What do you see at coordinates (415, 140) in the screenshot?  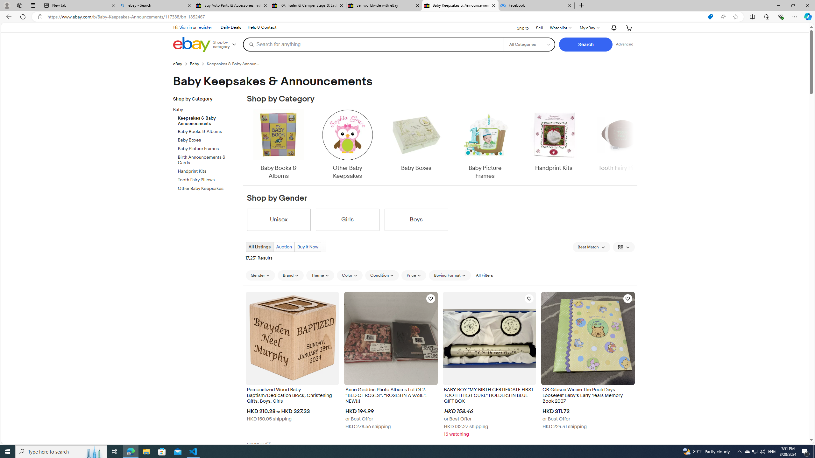 I see `'Baby Boxes'` at bounding box center [415, 140].